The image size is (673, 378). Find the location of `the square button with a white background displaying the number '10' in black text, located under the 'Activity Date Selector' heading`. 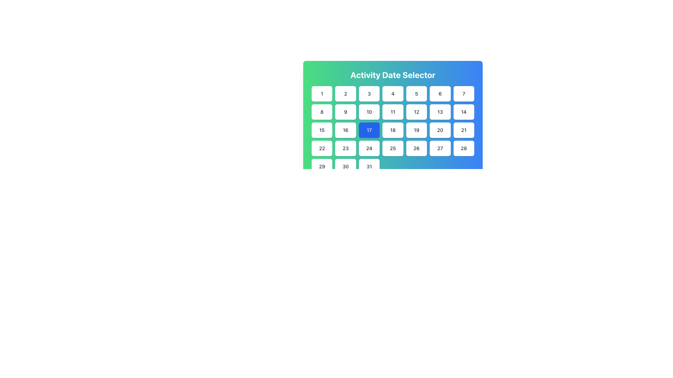

the square button with a white background displaying the number '10' in black text, located under the 'Activity Date Selector' heading is located at coordinates (369, 112).